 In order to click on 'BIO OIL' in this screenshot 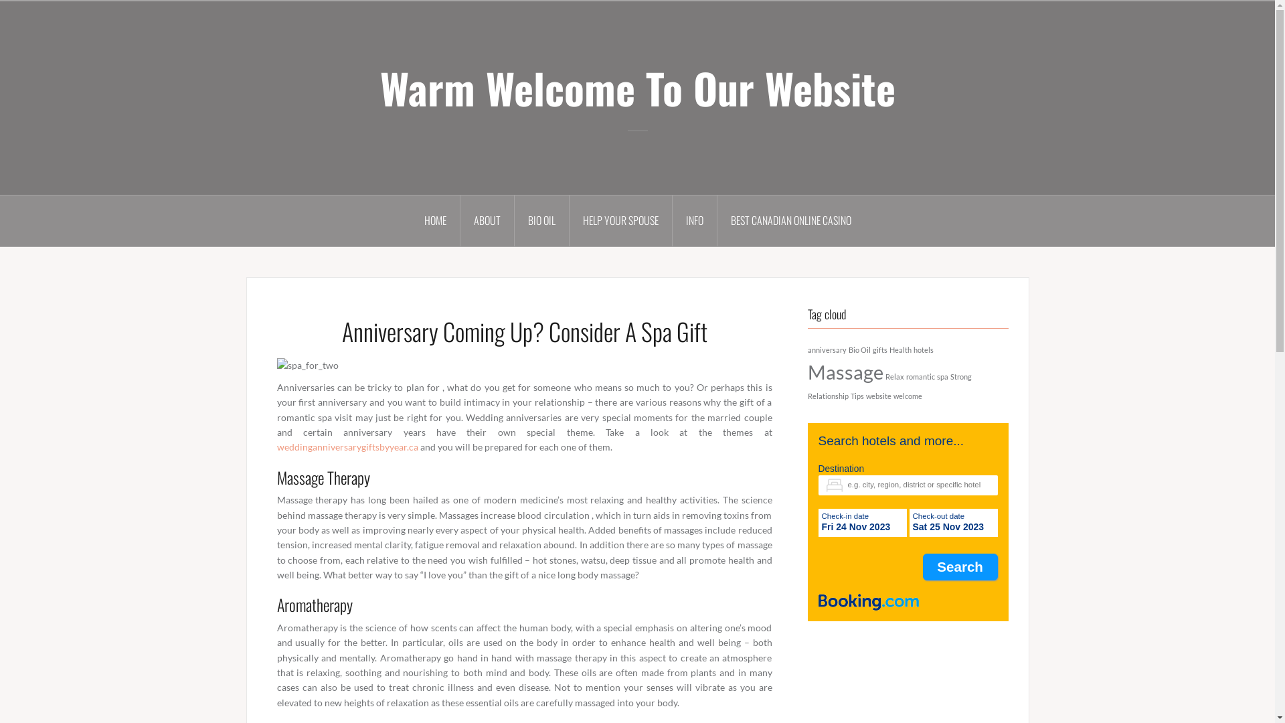, I will do `click(541, 220)`.